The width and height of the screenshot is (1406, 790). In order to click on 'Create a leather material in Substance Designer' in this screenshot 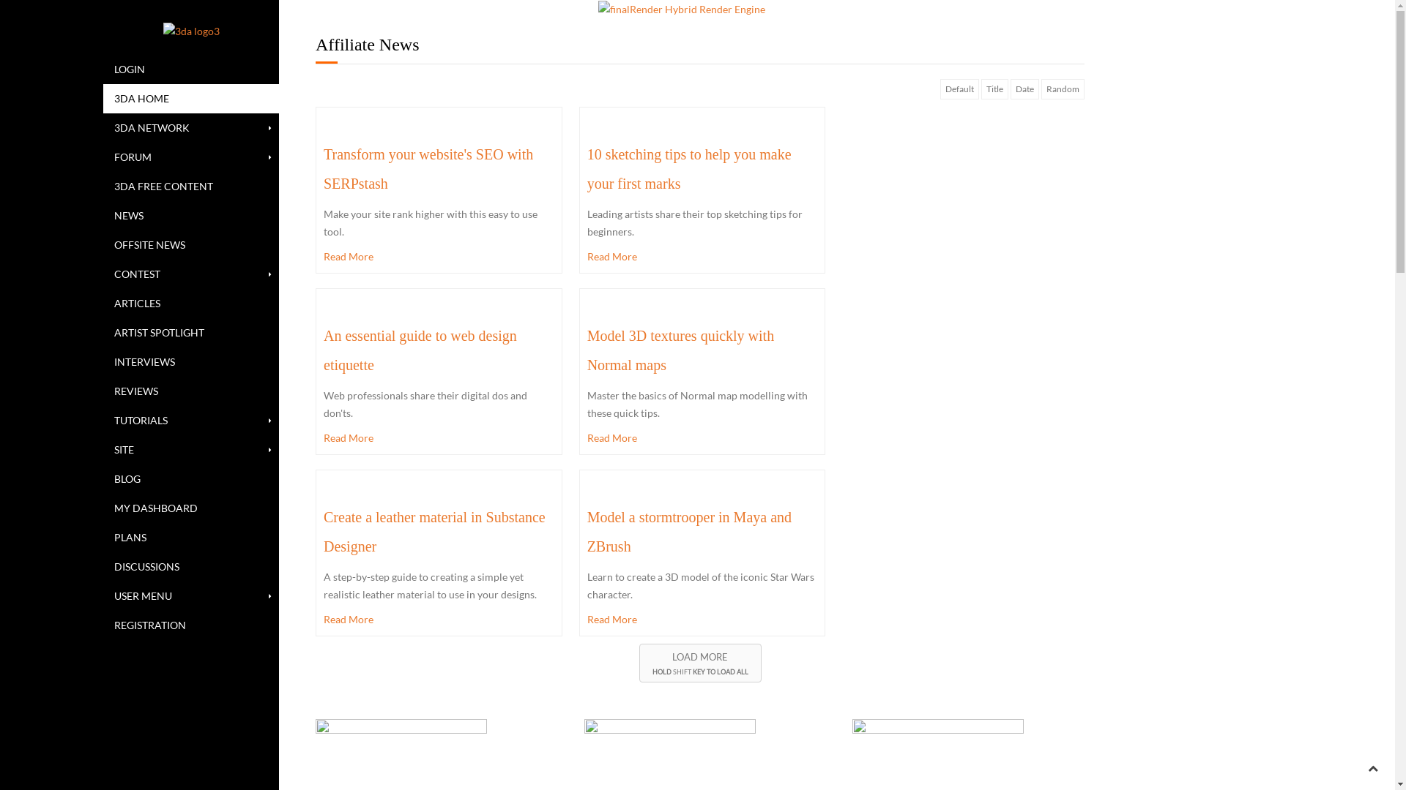, I will do `click(434, 531)`.